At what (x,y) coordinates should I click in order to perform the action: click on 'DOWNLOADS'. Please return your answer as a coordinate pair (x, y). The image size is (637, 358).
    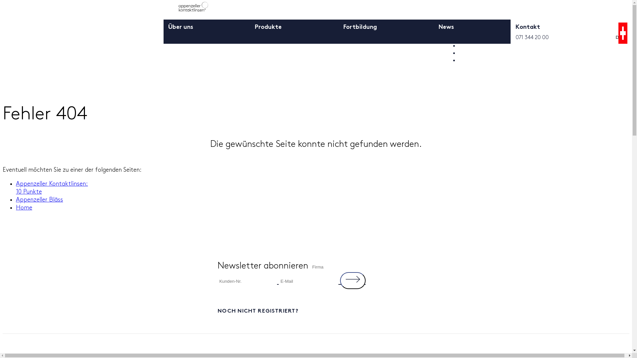
    Looking at the image, I should click on (479, 53).